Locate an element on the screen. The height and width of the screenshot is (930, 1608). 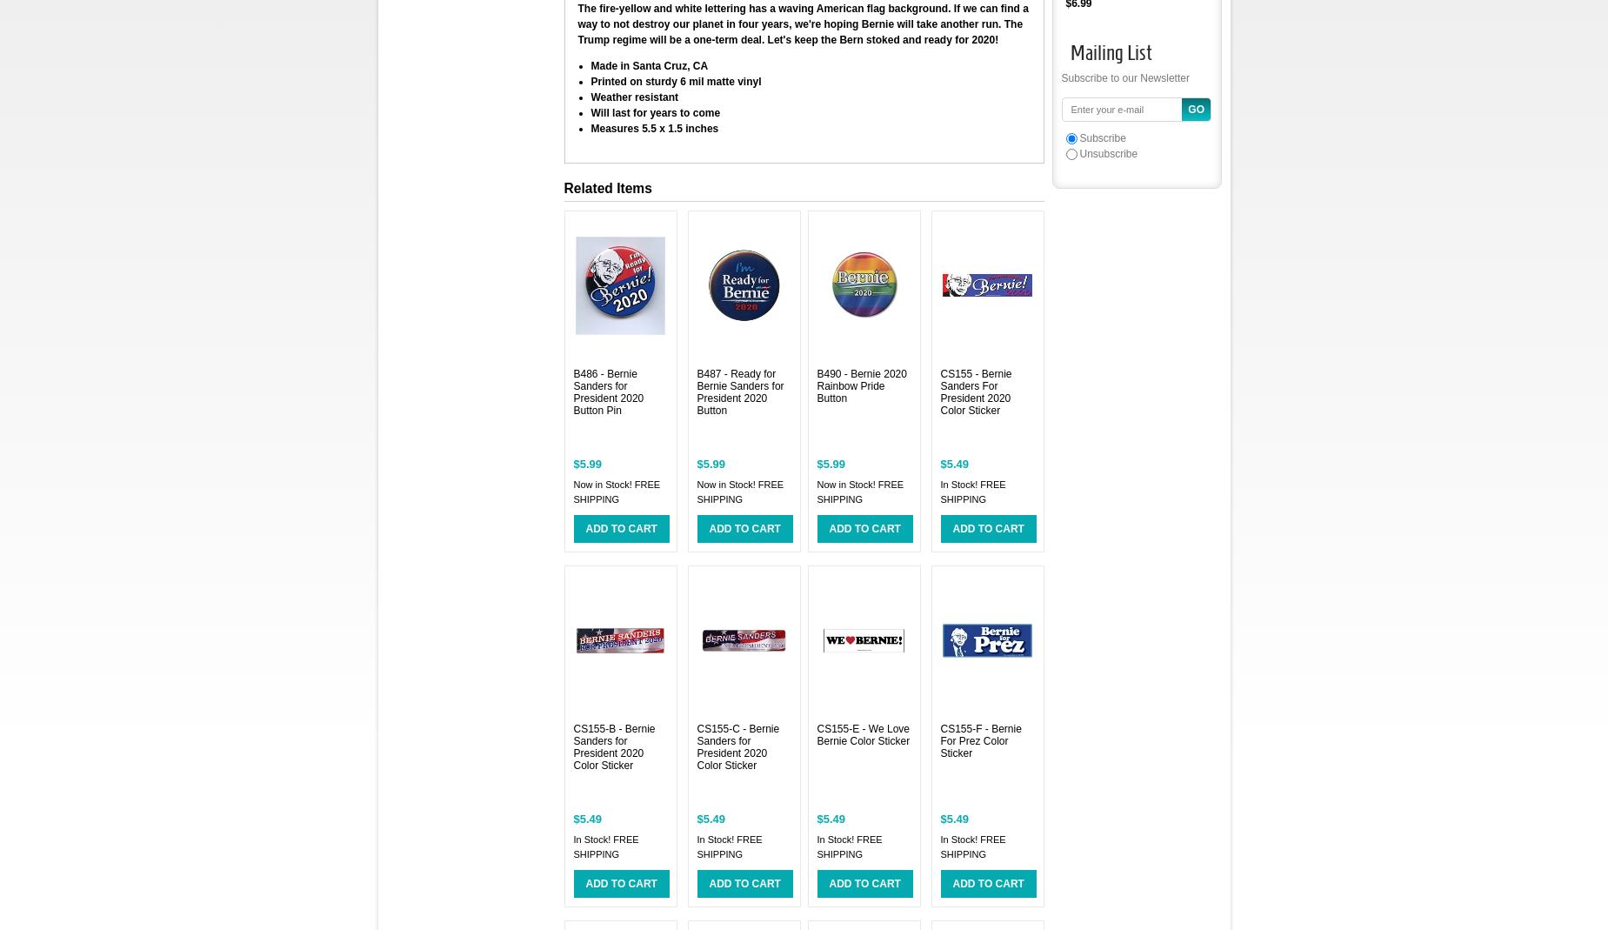
'B487 - Ready for Bernie Sanders for President 2020 Button' is located at coordinates (738, 391).